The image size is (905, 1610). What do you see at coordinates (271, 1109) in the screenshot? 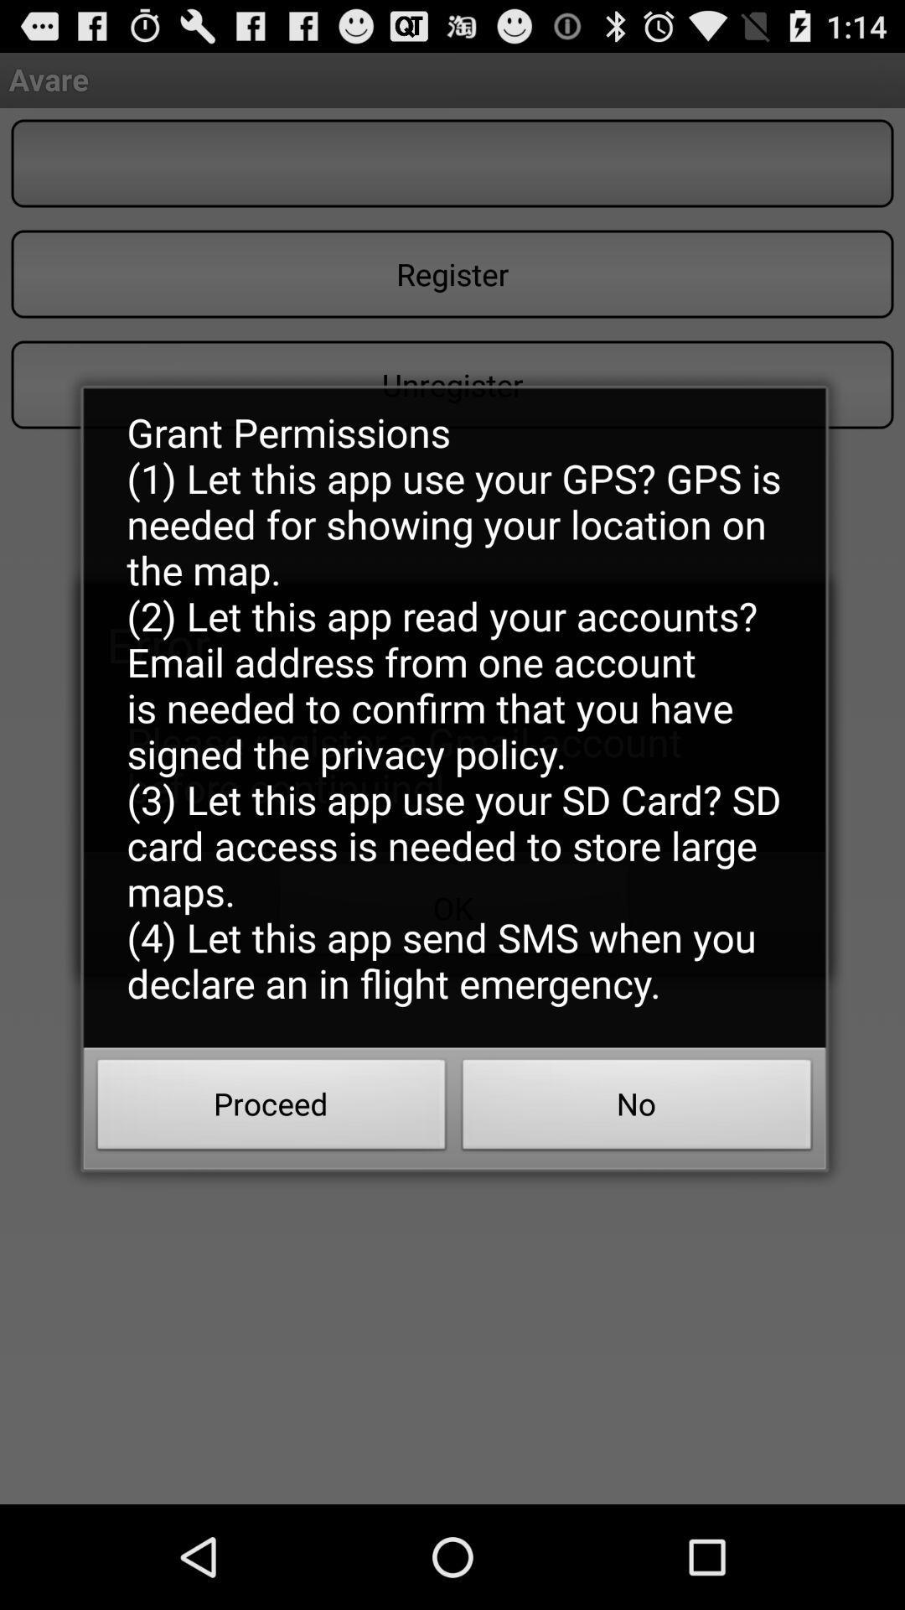
I see `icon to the left of the no` at bounding box center [271, 1109].